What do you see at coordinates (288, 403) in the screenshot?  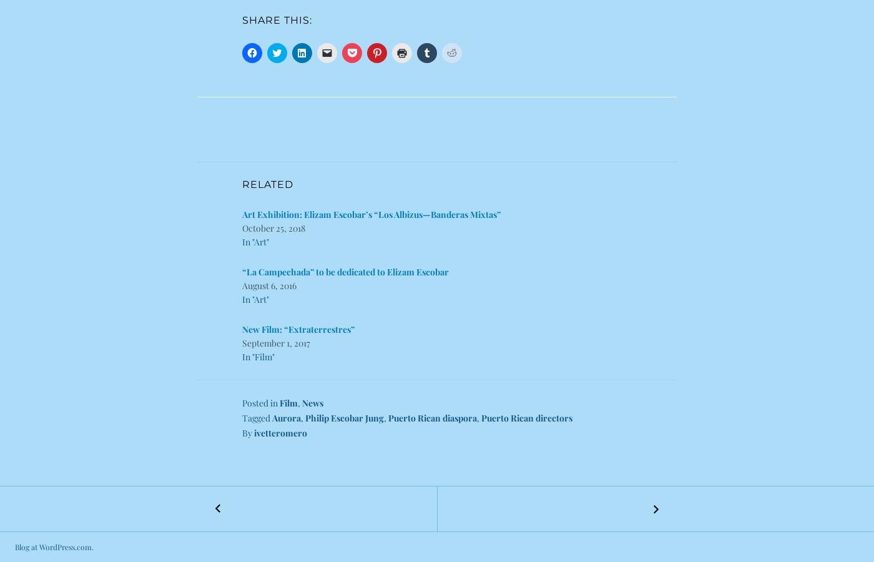 I see `'Film'` at bounding box center [288, 403].